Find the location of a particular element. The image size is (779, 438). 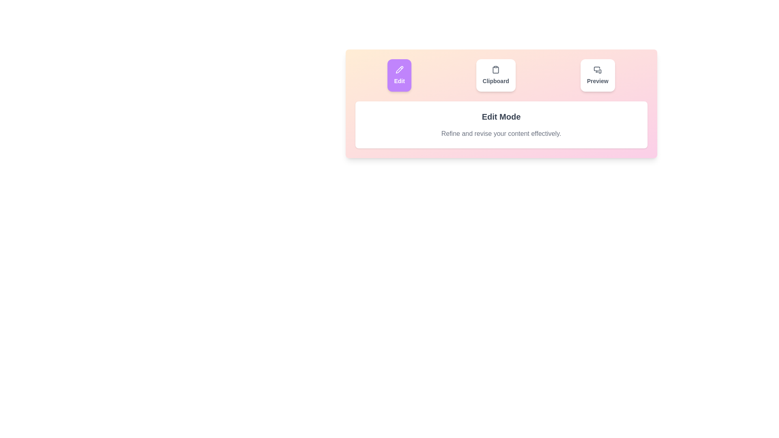

the tab button labeled Edit is located at coordinates (399, 75).